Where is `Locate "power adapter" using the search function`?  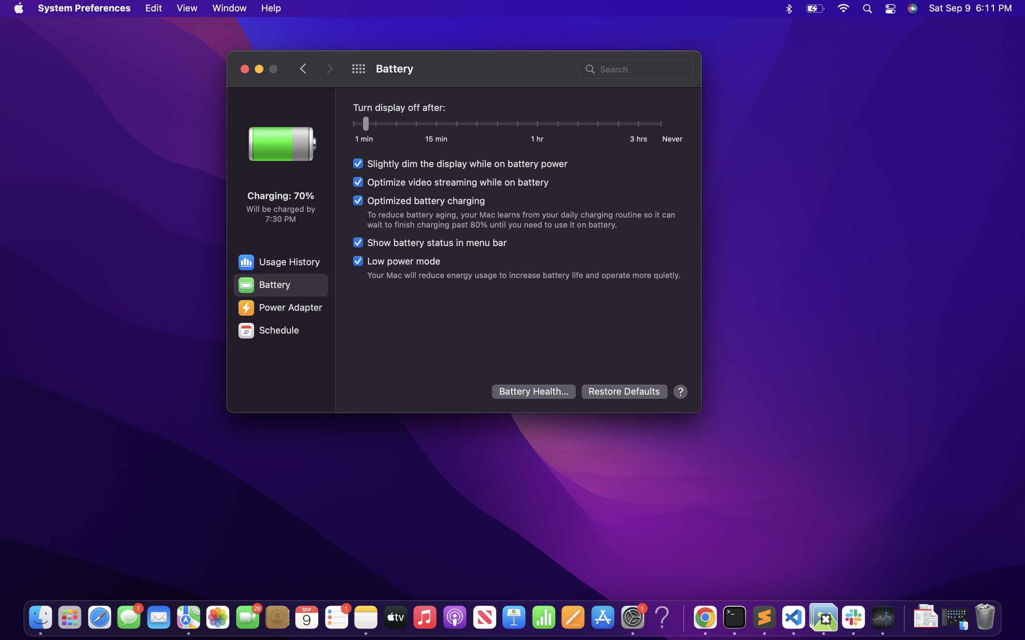 Locate "power adapter" using the search function is located at coordinates (634, 68).